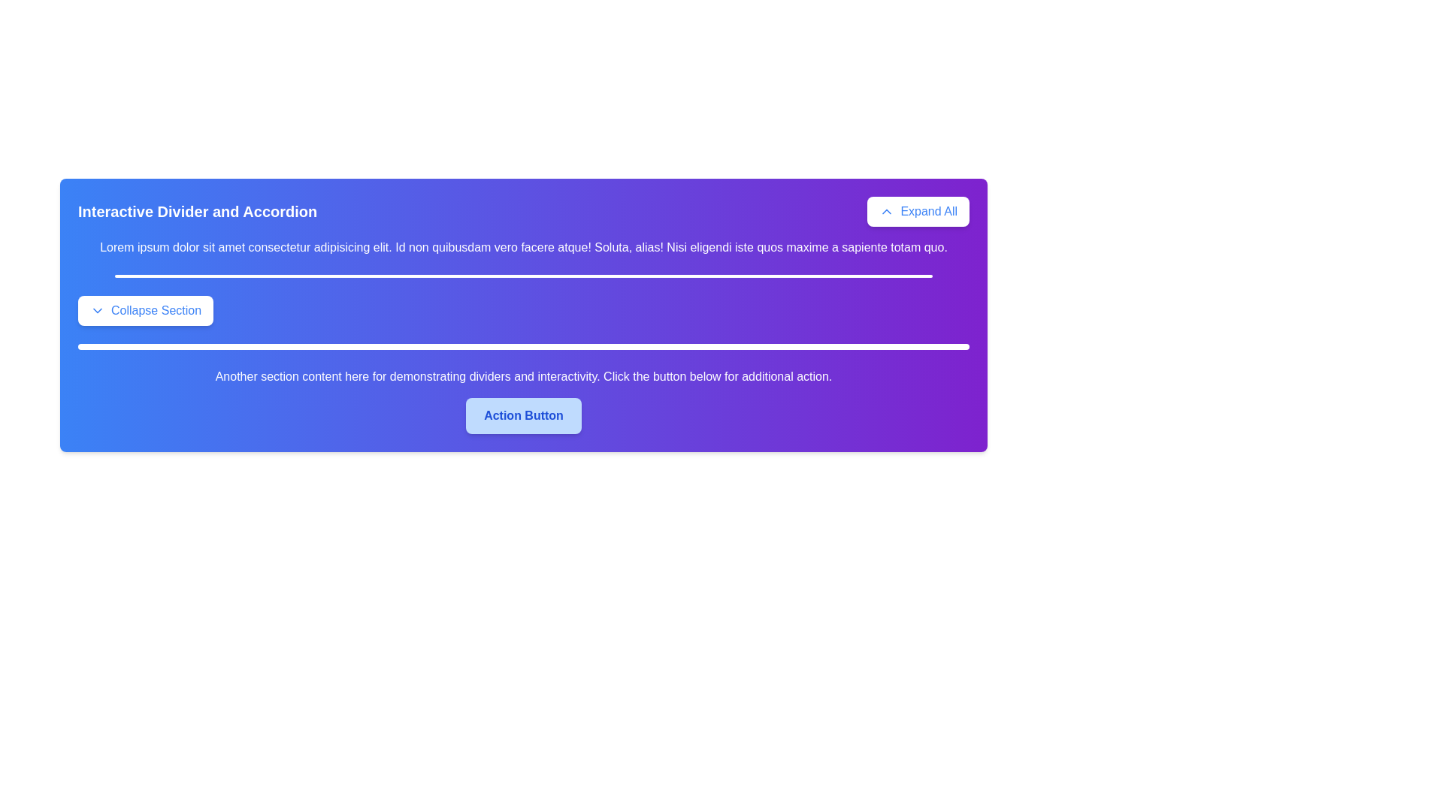 The image size is (1443, 811). Describe the element at coordinates (523, 276) in the screenshot. I see `the horizontal white divider with rounded ends located between the paragraph text and the 'Collapse Section' button` at that location.